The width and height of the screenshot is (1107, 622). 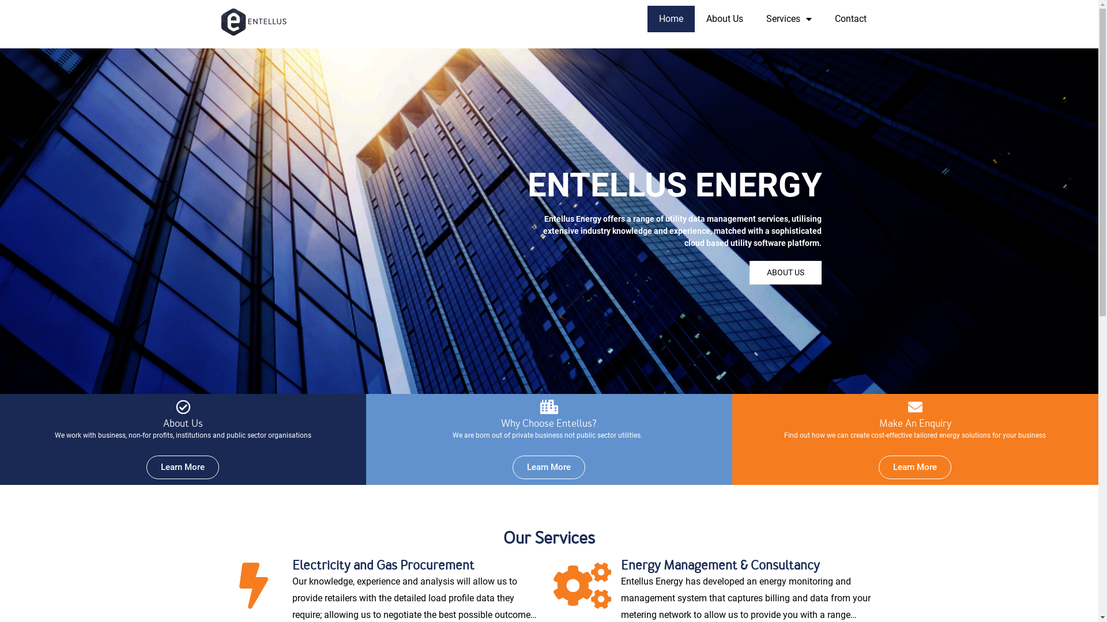 I want to click on 'Services', so click(x=788, y=19).